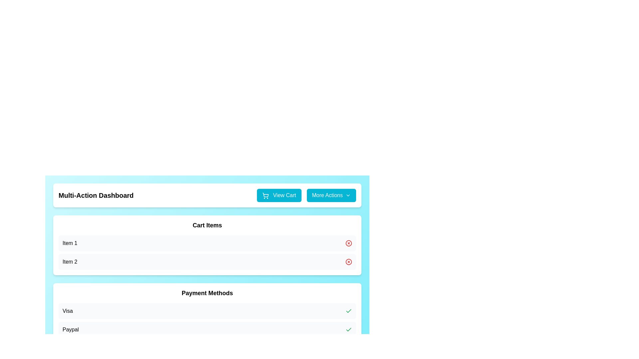 The width and height of the screenshot is (639, 359). I want to click on the green checkmark icon located in the 'Payment Methods' section, specifically aligned with the 'Paypal' option row, indicating selection or confirmation, so click(348, 310).